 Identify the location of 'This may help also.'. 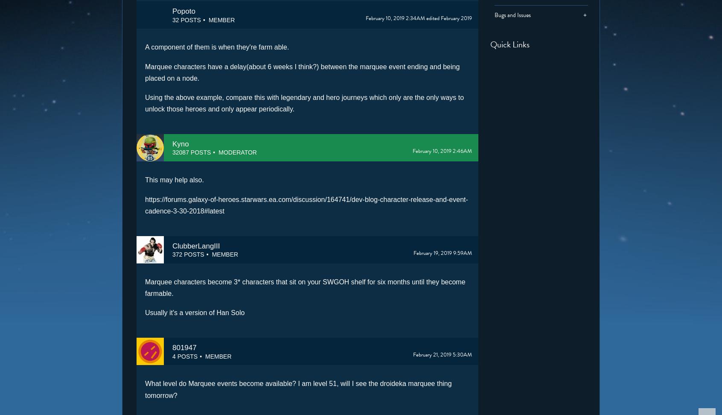
(174, 180).